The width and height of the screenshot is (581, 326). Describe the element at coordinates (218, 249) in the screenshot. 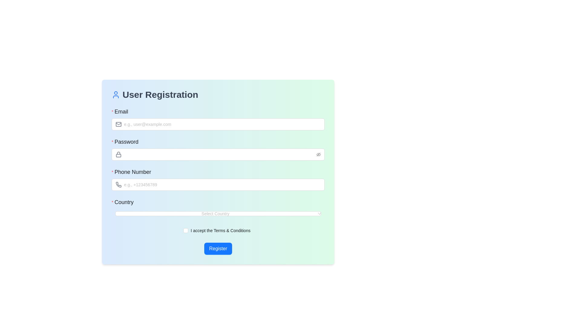

I see `the prominent blue 'Register' button located at the bottom of the form` at that location.